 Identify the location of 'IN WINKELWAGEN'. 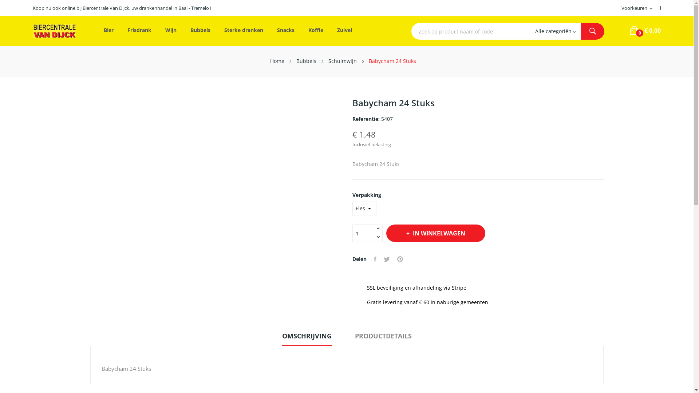
(435, 233).